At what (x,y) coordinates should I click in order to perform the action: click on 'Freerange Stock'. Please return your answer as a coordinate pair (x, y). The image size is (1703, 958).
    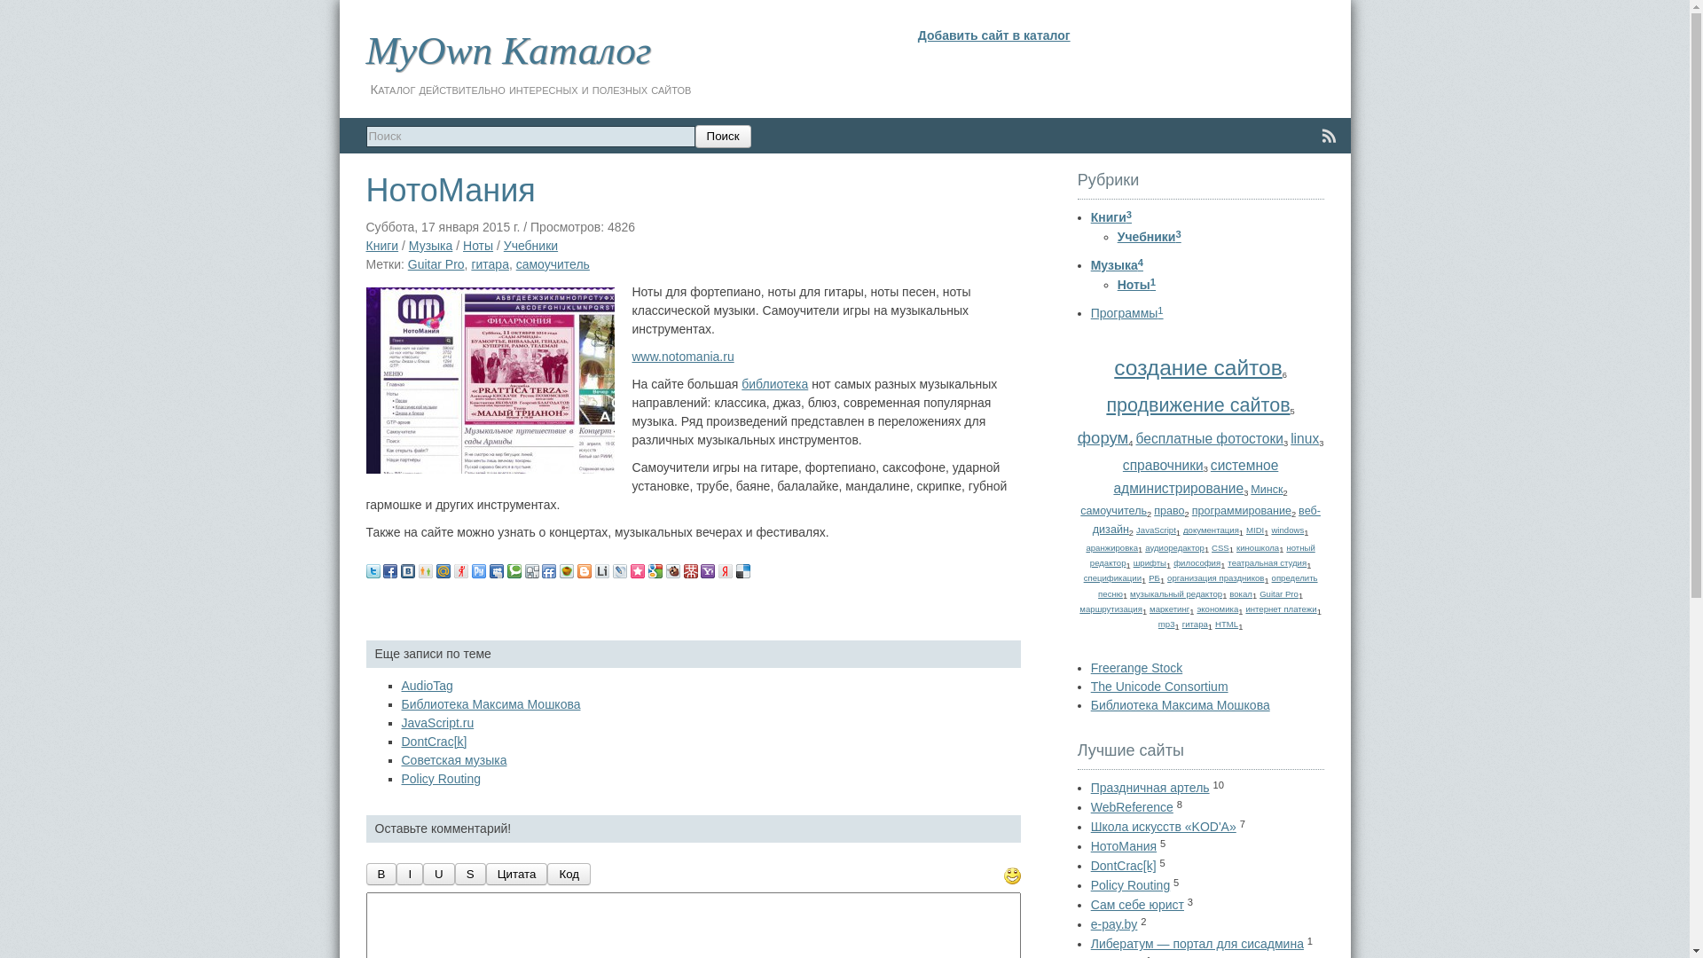
    Looking at the image, I should click on (1136, 667).